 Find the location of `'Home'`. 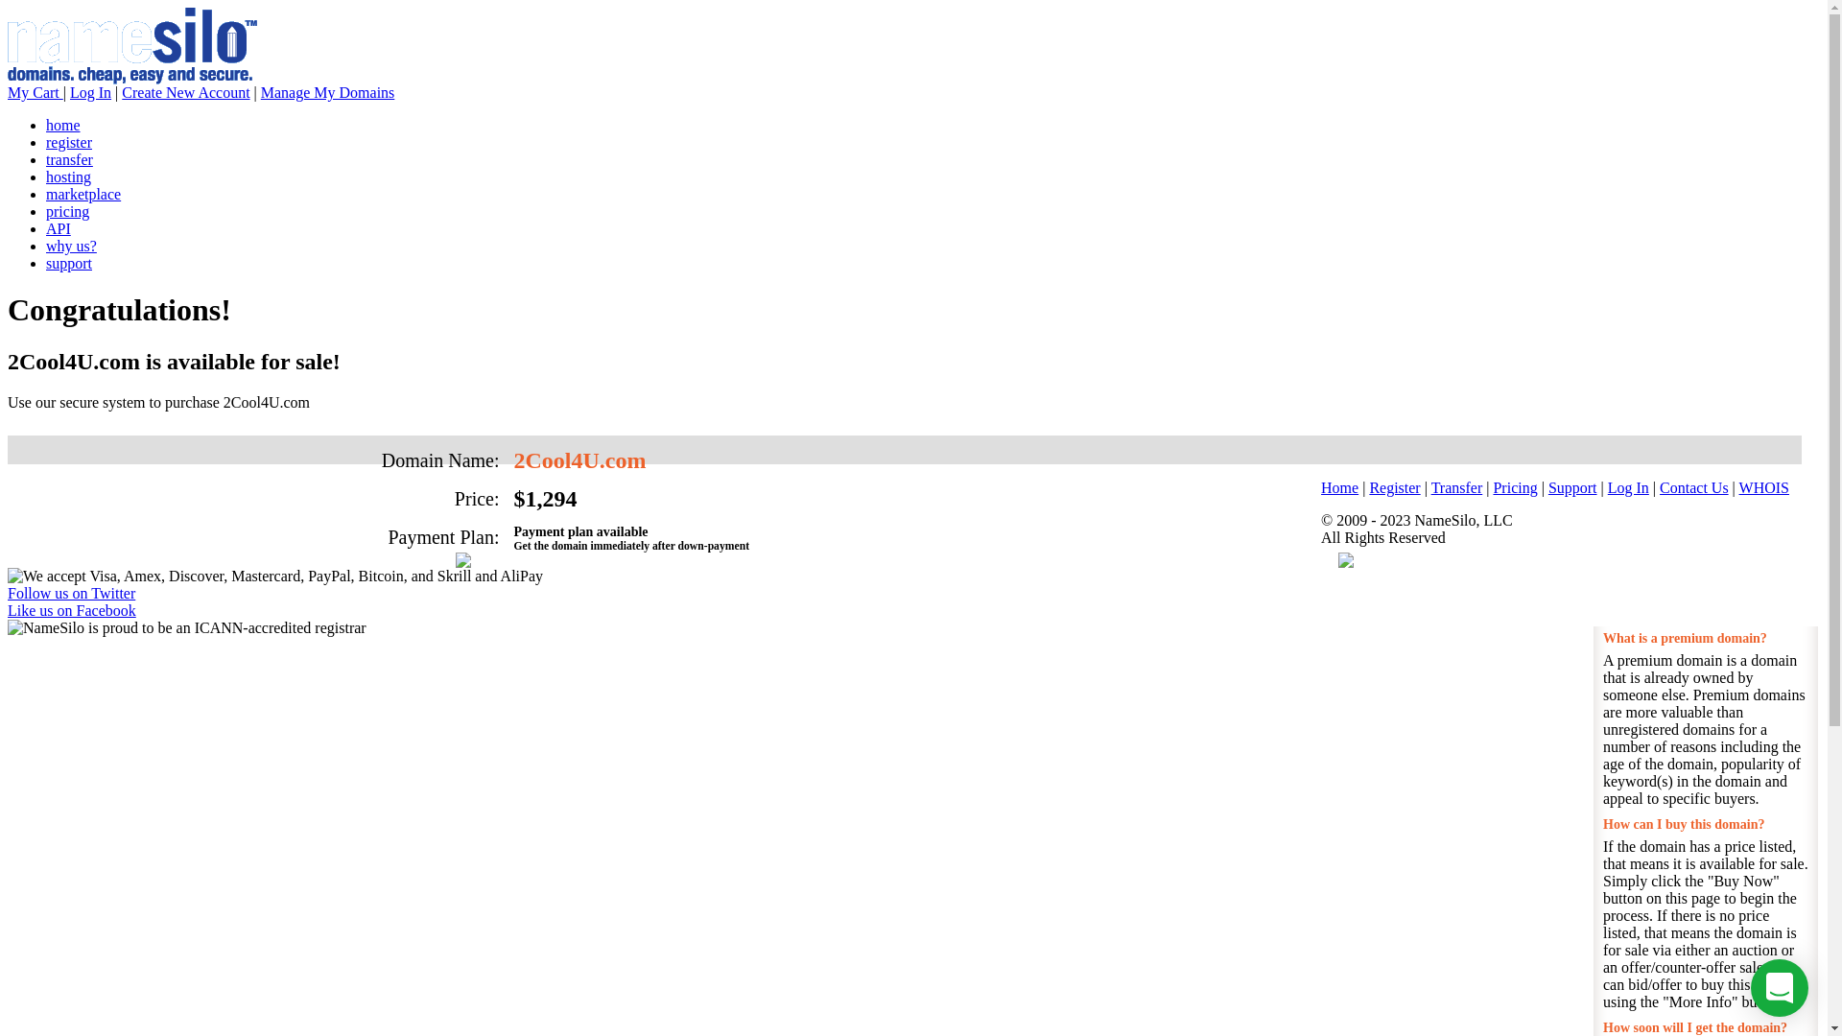

'Home' is located at coordinates (1338, 486).